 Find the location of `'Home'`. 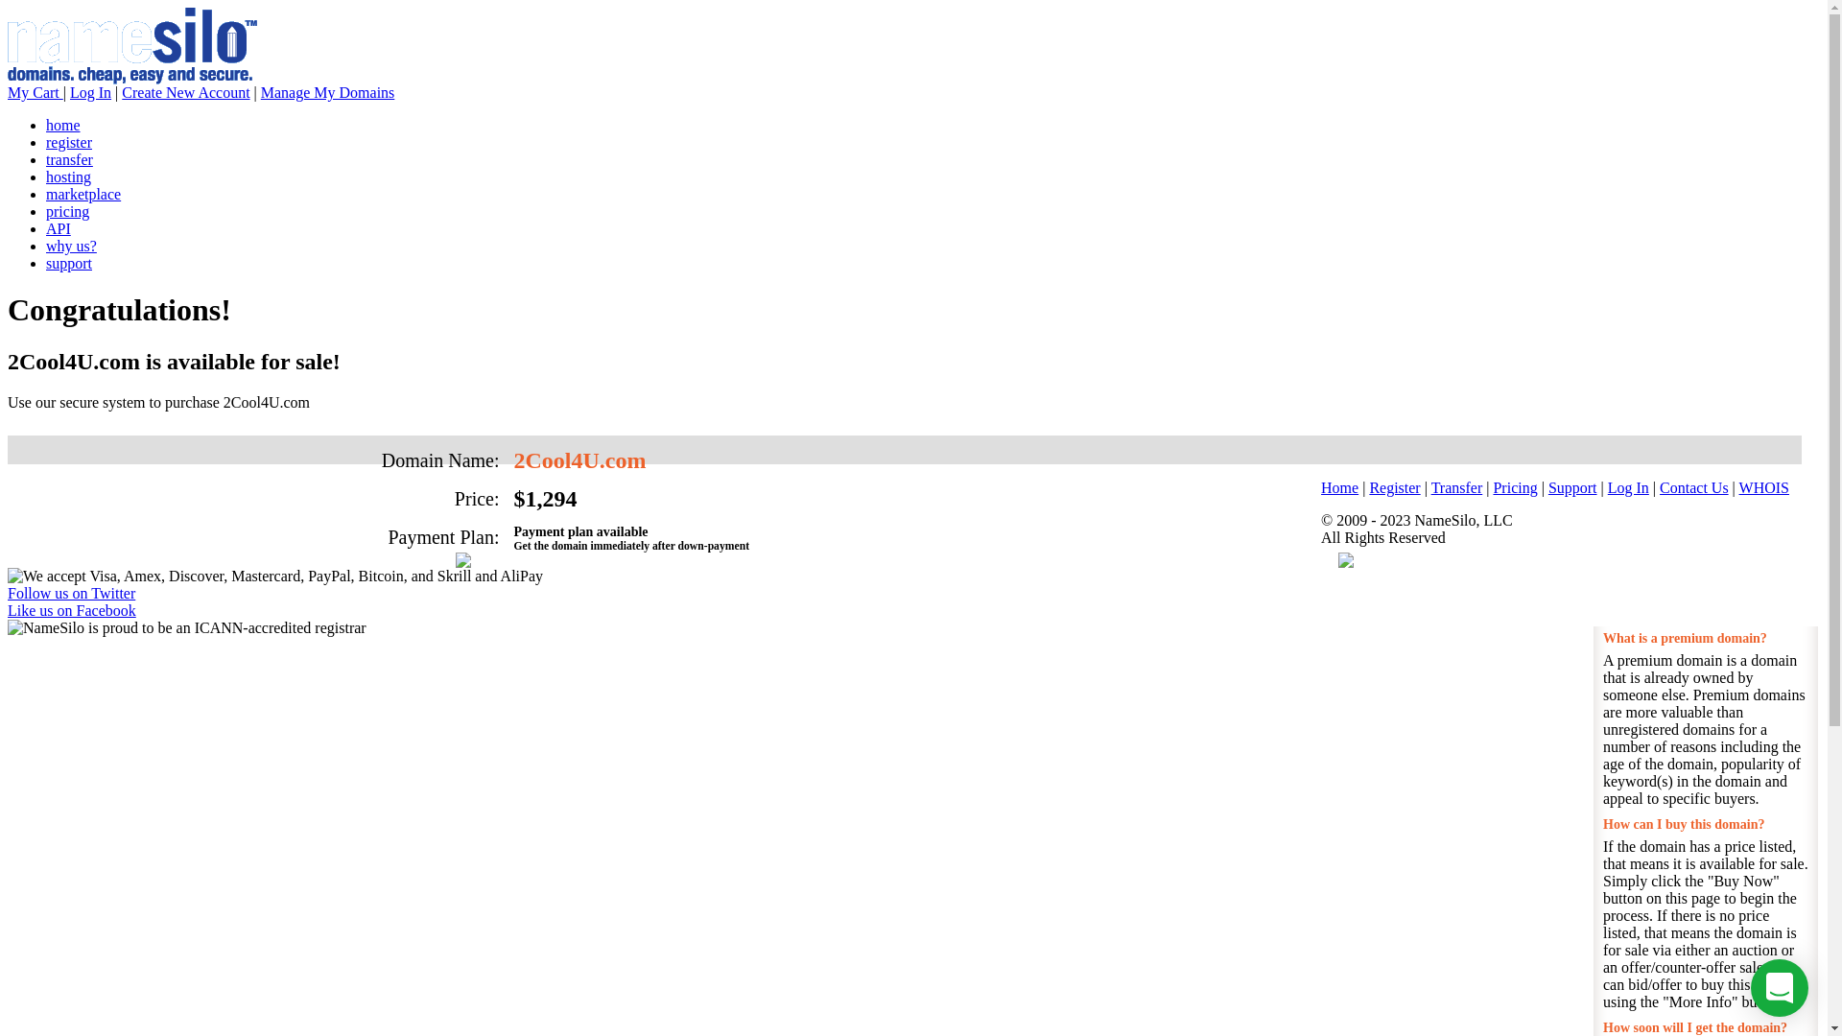

'Home' is located at coordinates (1338, 486).